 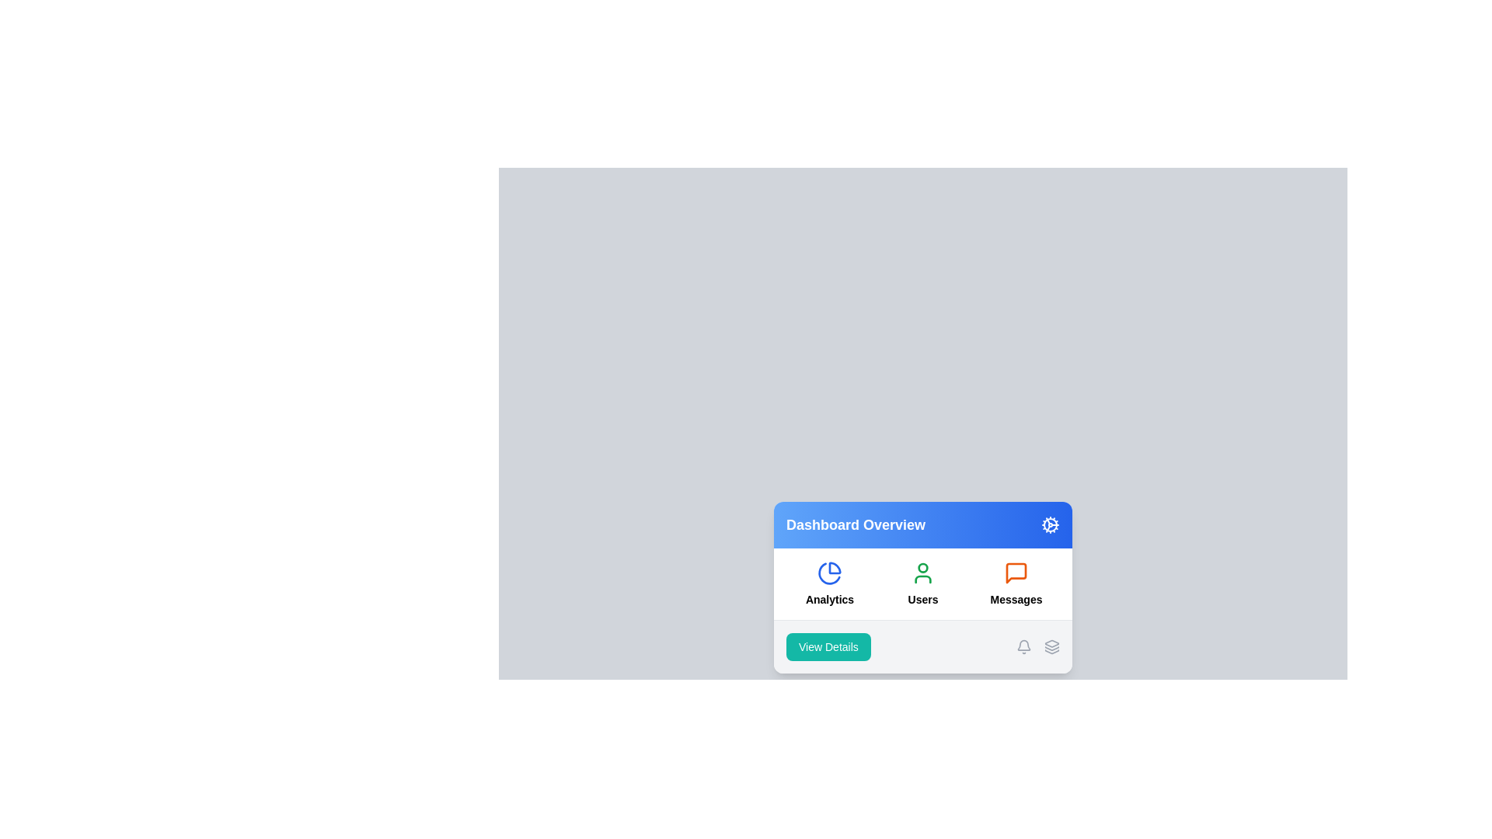 What do you see at coordinates (923, 583) in the screenshot?
I see `labels for the central section of the grid layout containing icons and text for 'Analytics', 'Users', and 'Messages' located below the 'Dashboard Overview' header` at bounding box center [923, 583].